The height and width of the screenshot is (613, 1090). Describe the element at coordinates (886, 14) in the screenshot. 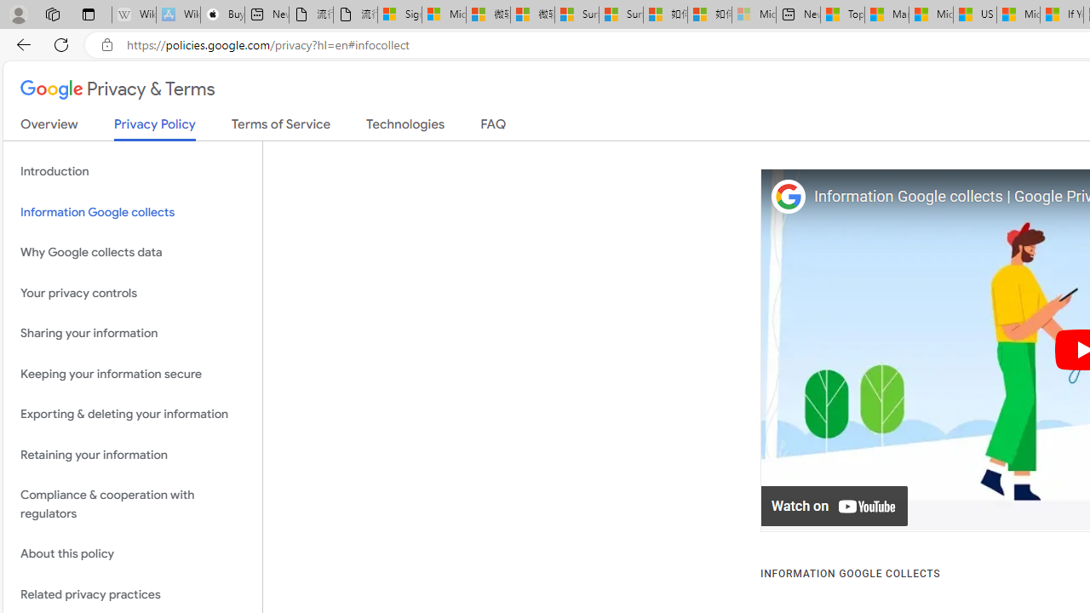

I see `'Marine life - MSN'` at that location.